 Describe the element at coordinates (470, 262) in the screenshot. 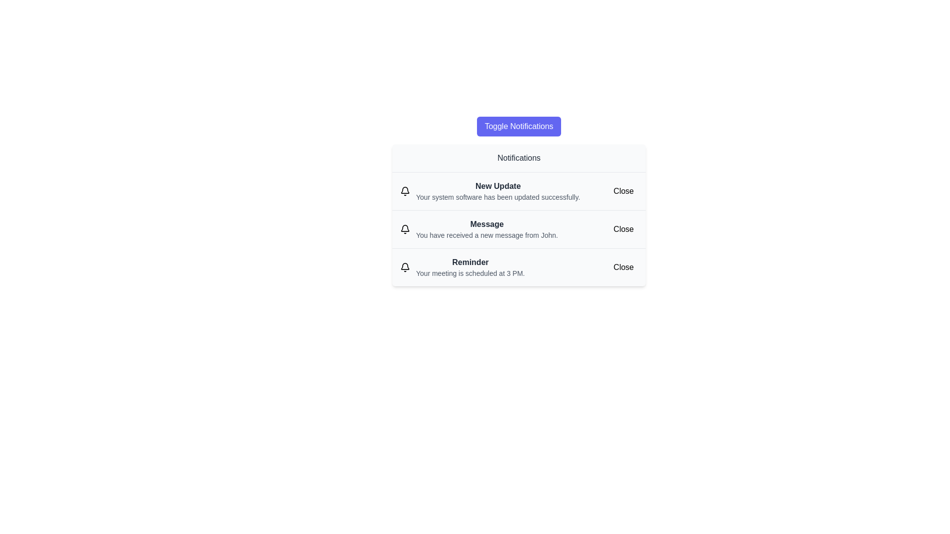

I see `the static text element that serves as the heading for the notification, which is centered within the notification card above the secondary text` at that location.